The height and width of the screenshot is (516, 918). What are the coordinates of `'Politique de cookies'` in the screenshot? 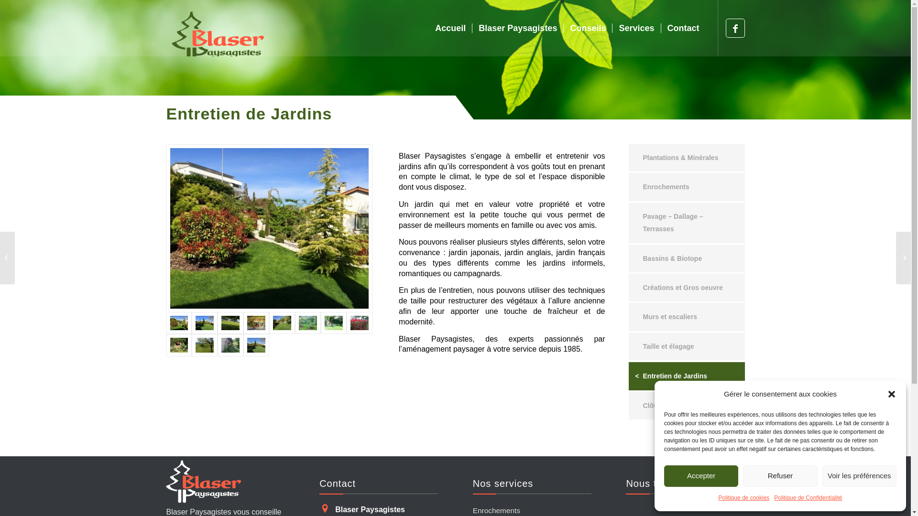 It's located at (743, 497).